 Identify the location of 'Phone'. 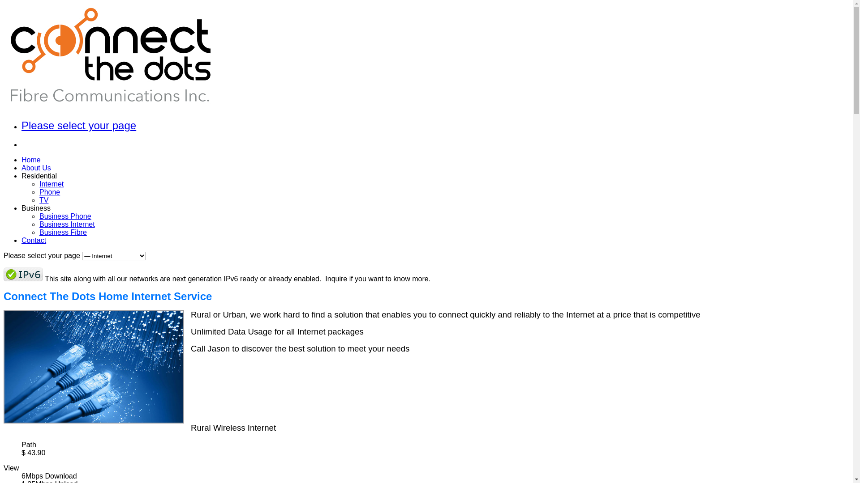
(39, 191).